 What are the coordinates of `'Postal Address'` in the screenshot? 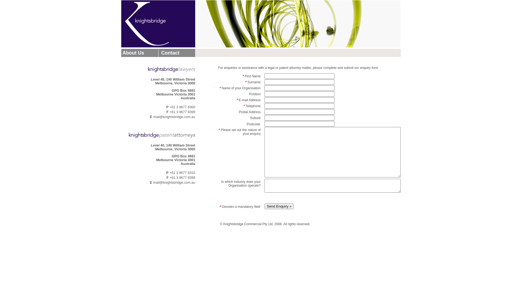 It's located at (299, 112).